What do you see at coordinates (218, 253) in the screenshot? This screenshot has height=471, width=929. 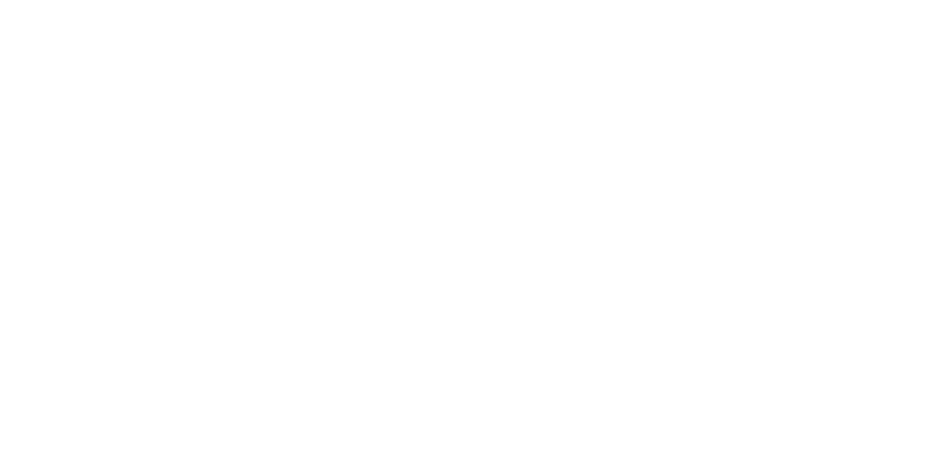 I see `'Women in Consumer Technology and CEDIA Host Coaching Event at CEDIA HQ'` at bounding box center [218, 253].